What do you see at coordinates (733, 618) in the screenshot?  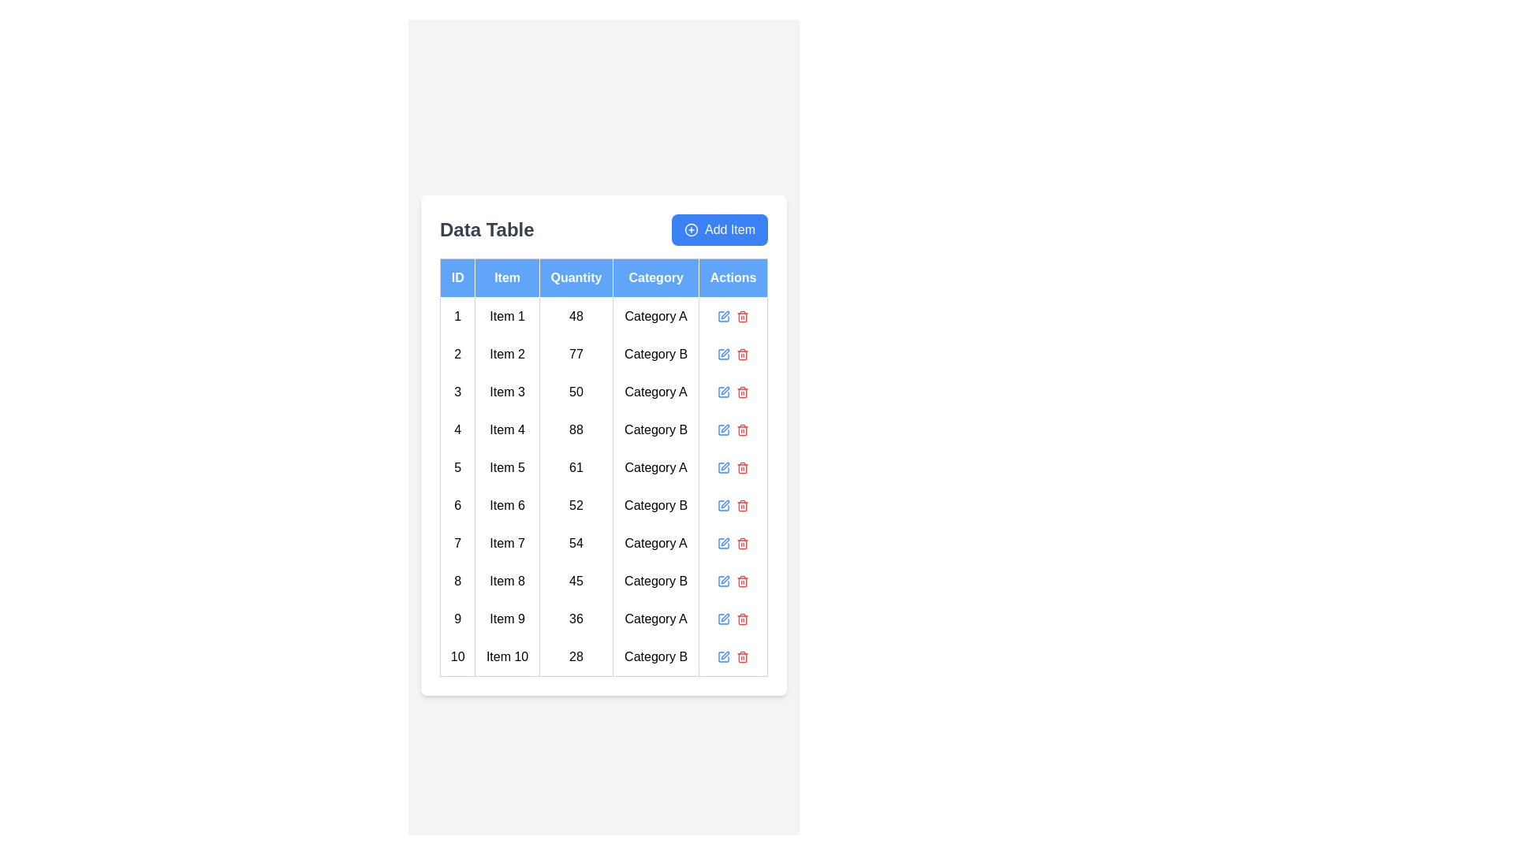 I see `the action panel containing interactive buttons for 'Item 9 - Category A'` at bounding box center [733, 618].